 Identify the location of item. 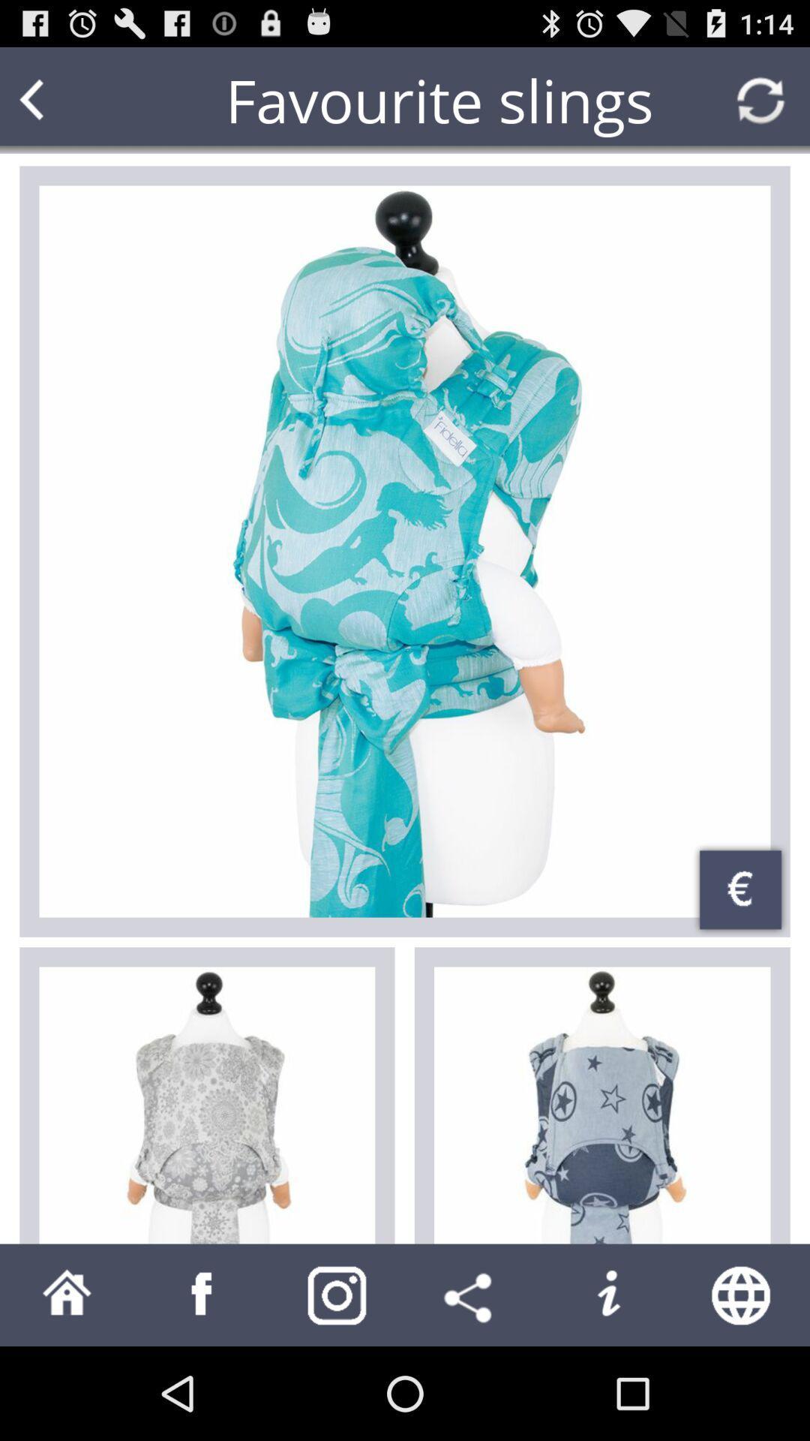
(207, 1106).